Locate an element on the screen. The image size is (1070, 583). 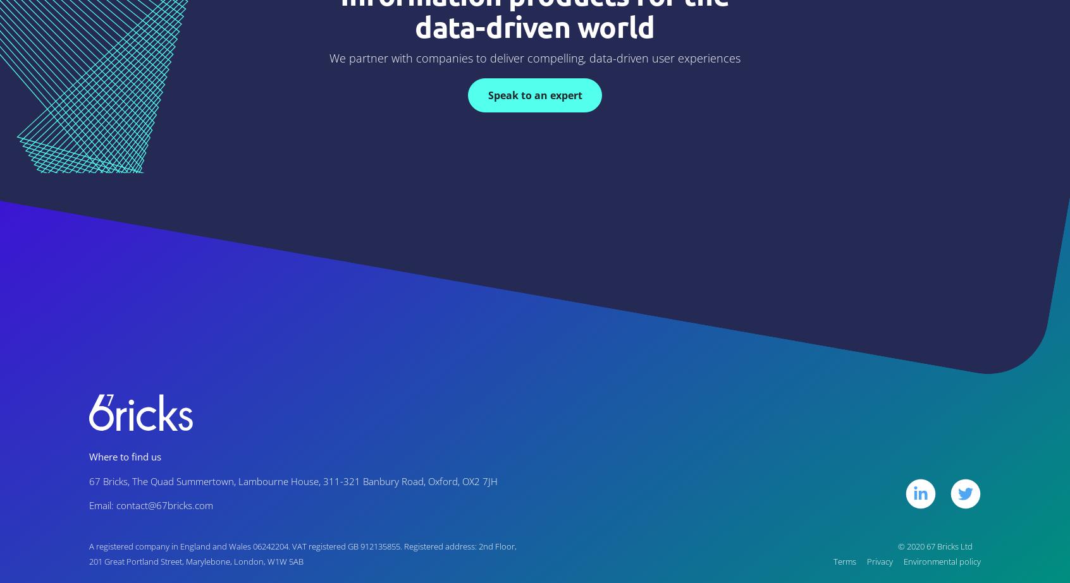
'Where to find us' is located at coordinates (89, 455).